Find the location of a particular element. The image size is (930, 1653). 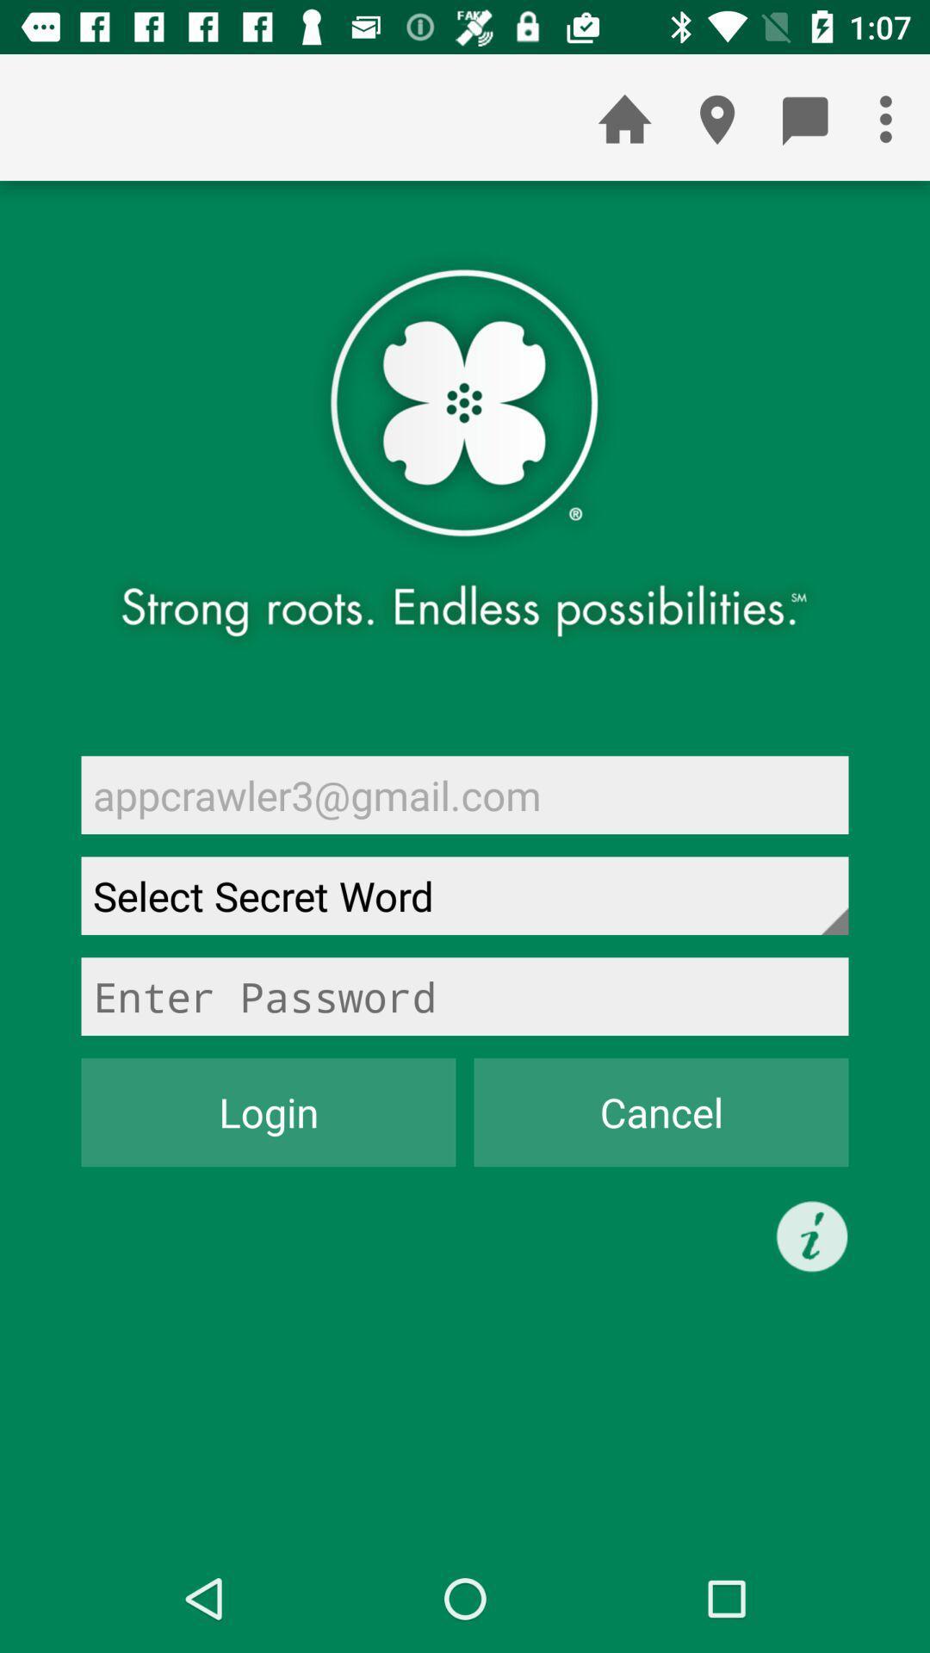

login item is located at coordinates (269, 1112).